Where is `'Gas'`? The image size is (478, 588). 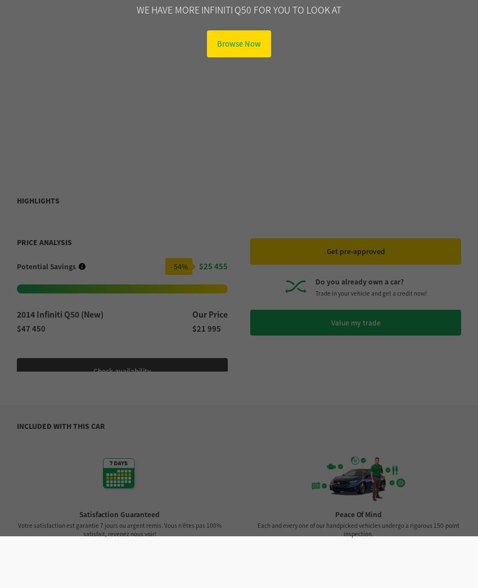
'Gas' is located at coordinates (357, 520).